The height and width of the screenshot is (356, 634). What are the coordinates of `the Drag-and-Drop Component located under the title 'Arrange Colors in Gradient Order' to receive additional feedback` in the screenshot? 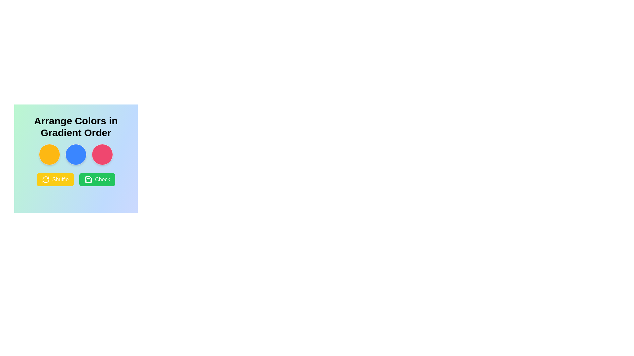 It's located at (76, 155).